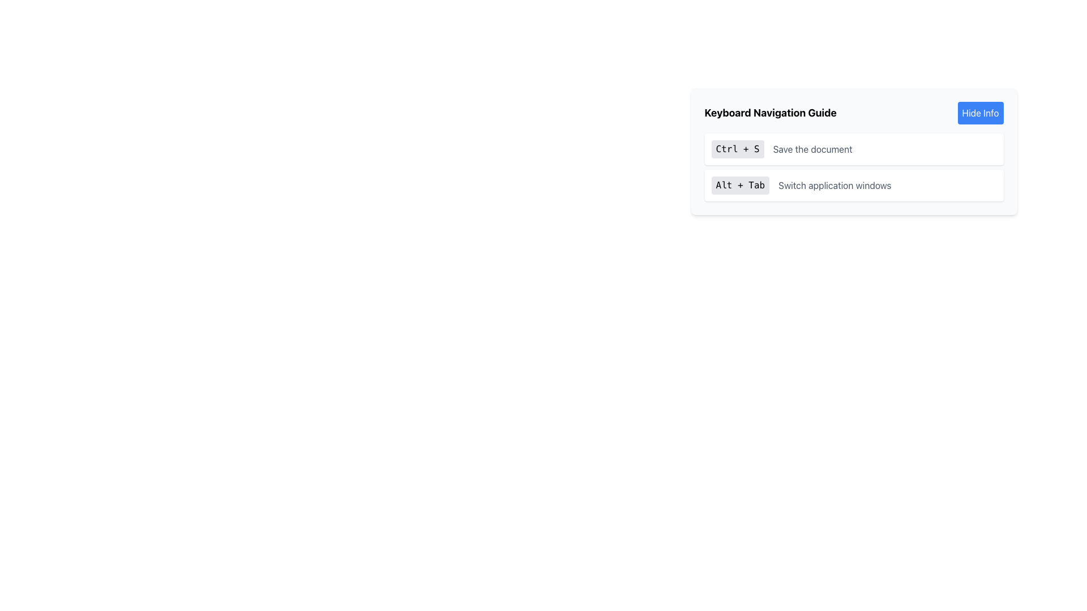  Describe the element at coordinates (854, 167) in the screenshot. I see `the Informational Panel titled 'Keyboard Navigation Guide' that contains shortcut commands and their descriptions` at that location.